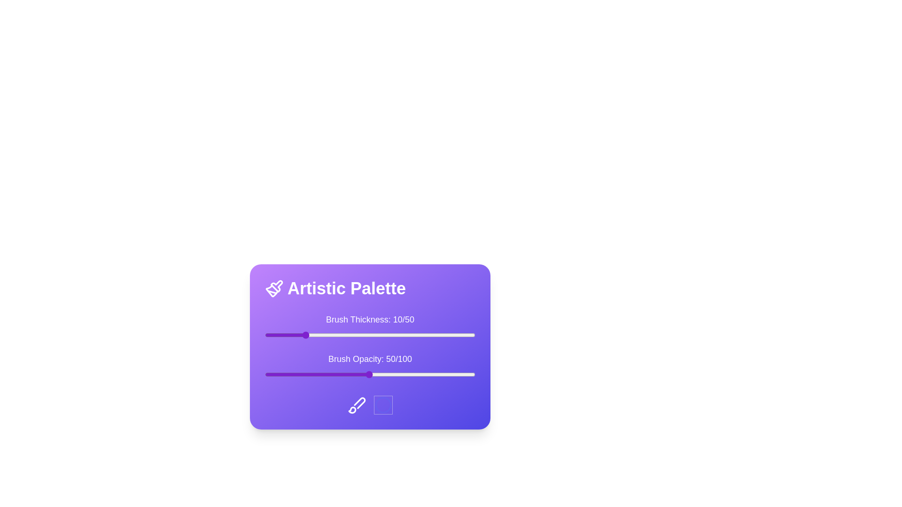 Image resolution: width=902 pixels, height=507 pixels. Describe the element at coordinates (449, 374) in the screenshot. I see `the 'Brush Opacity' slider to set the opacity to 88%` at that location.